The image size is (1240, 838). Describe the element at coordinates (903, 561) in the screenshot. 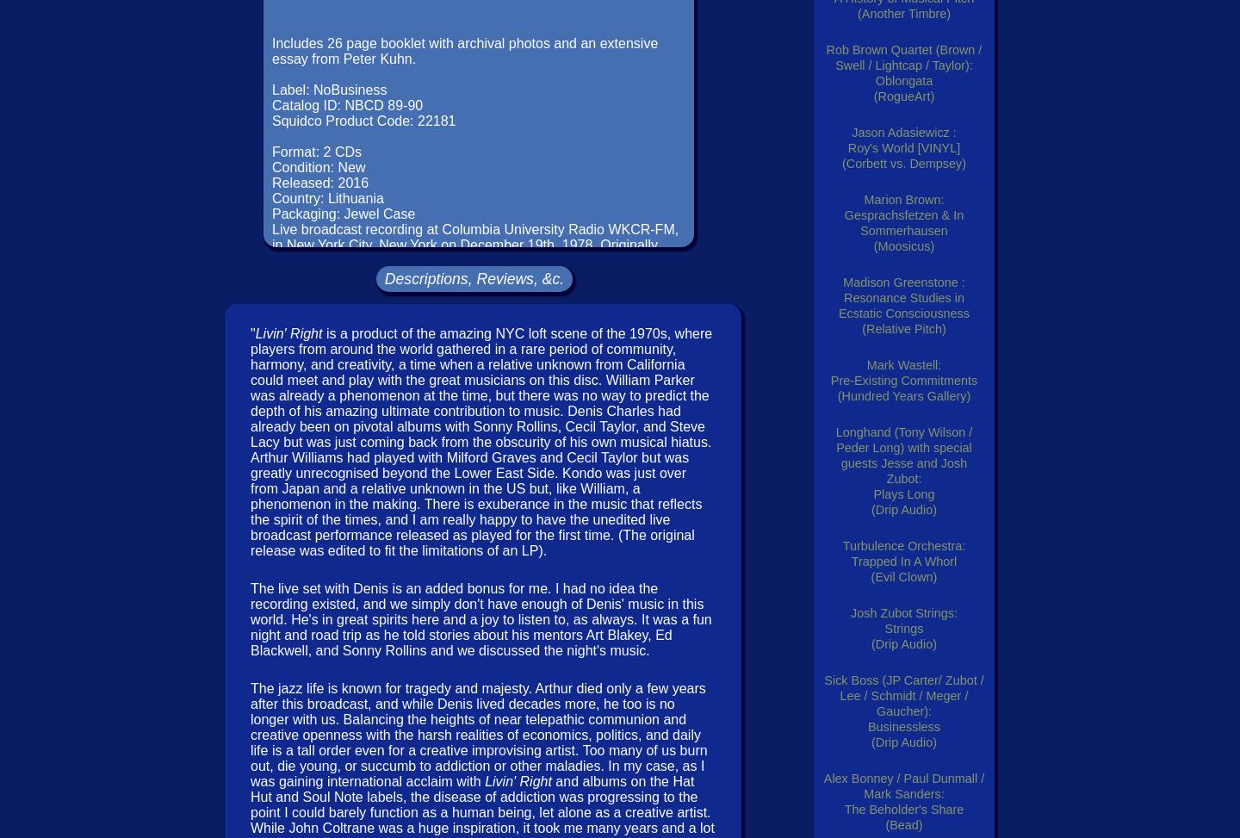

I see `'Trapped In A Whorl'` at that location.